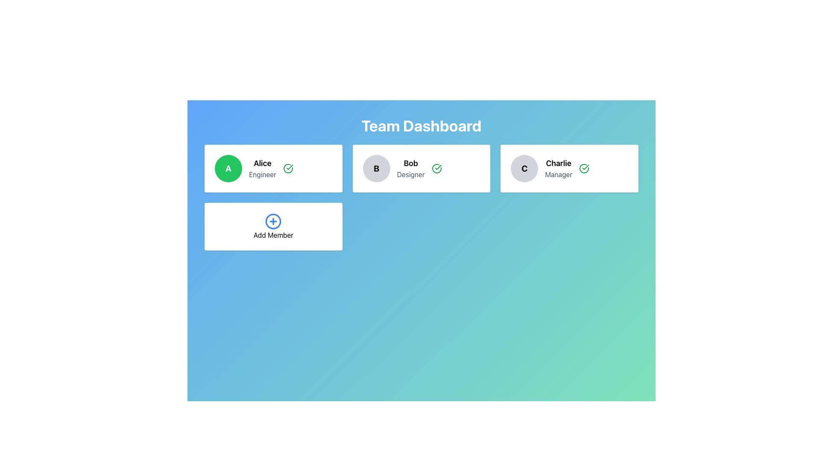 The height and width of the screenshot is (461, 820). I want to click on the Avatar placeholder element representing user 'Charlie' in the upper-right section of the interface, so click(524, 168).